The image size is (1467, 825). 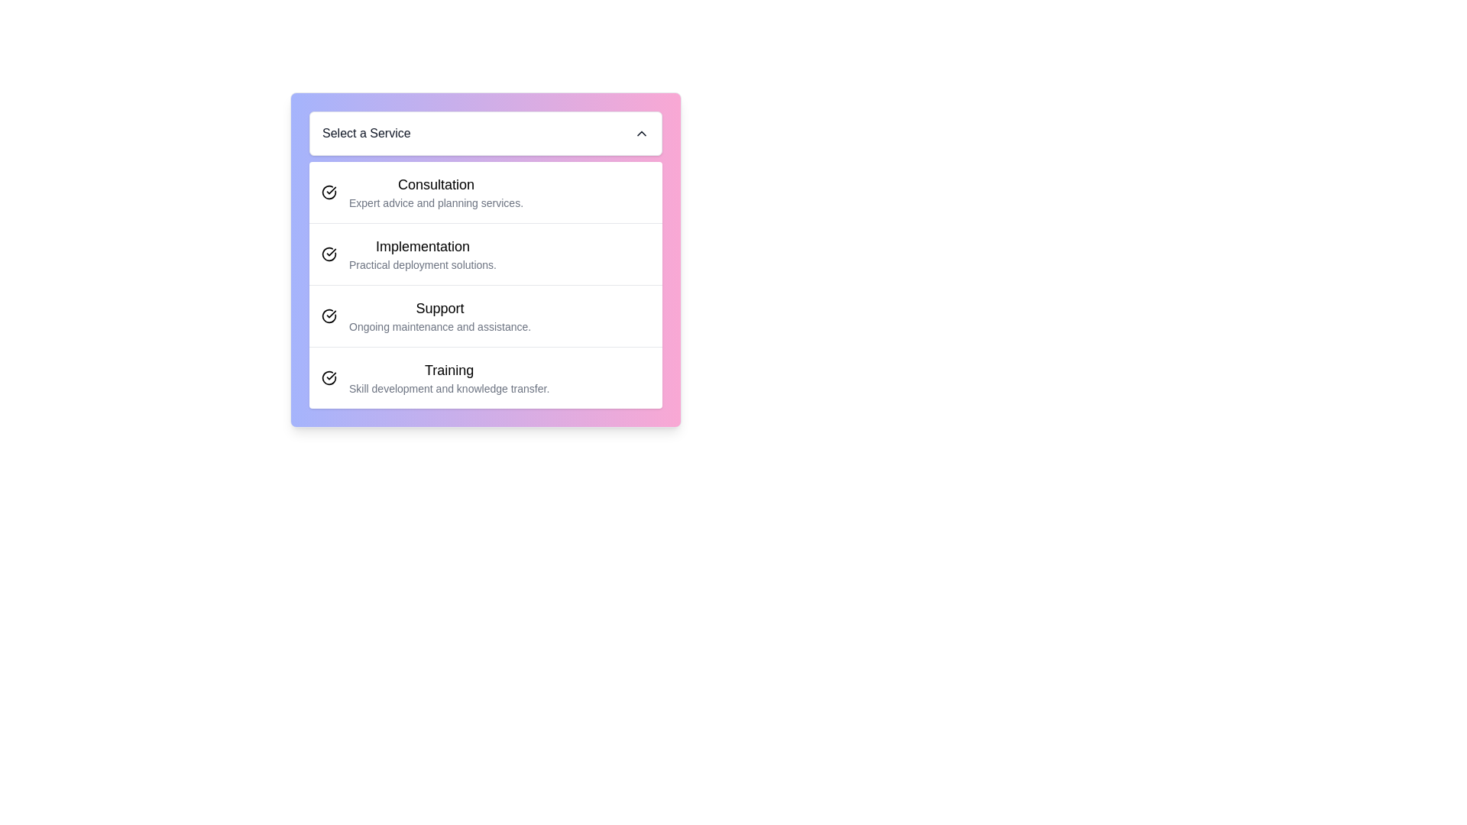 What do you see at coordinates (484, 314) in the screenshot?
I see `the third list item labeled 'Support' in the vertical selection menu titled 'Select a Service'` at bounding box center [484, 314].